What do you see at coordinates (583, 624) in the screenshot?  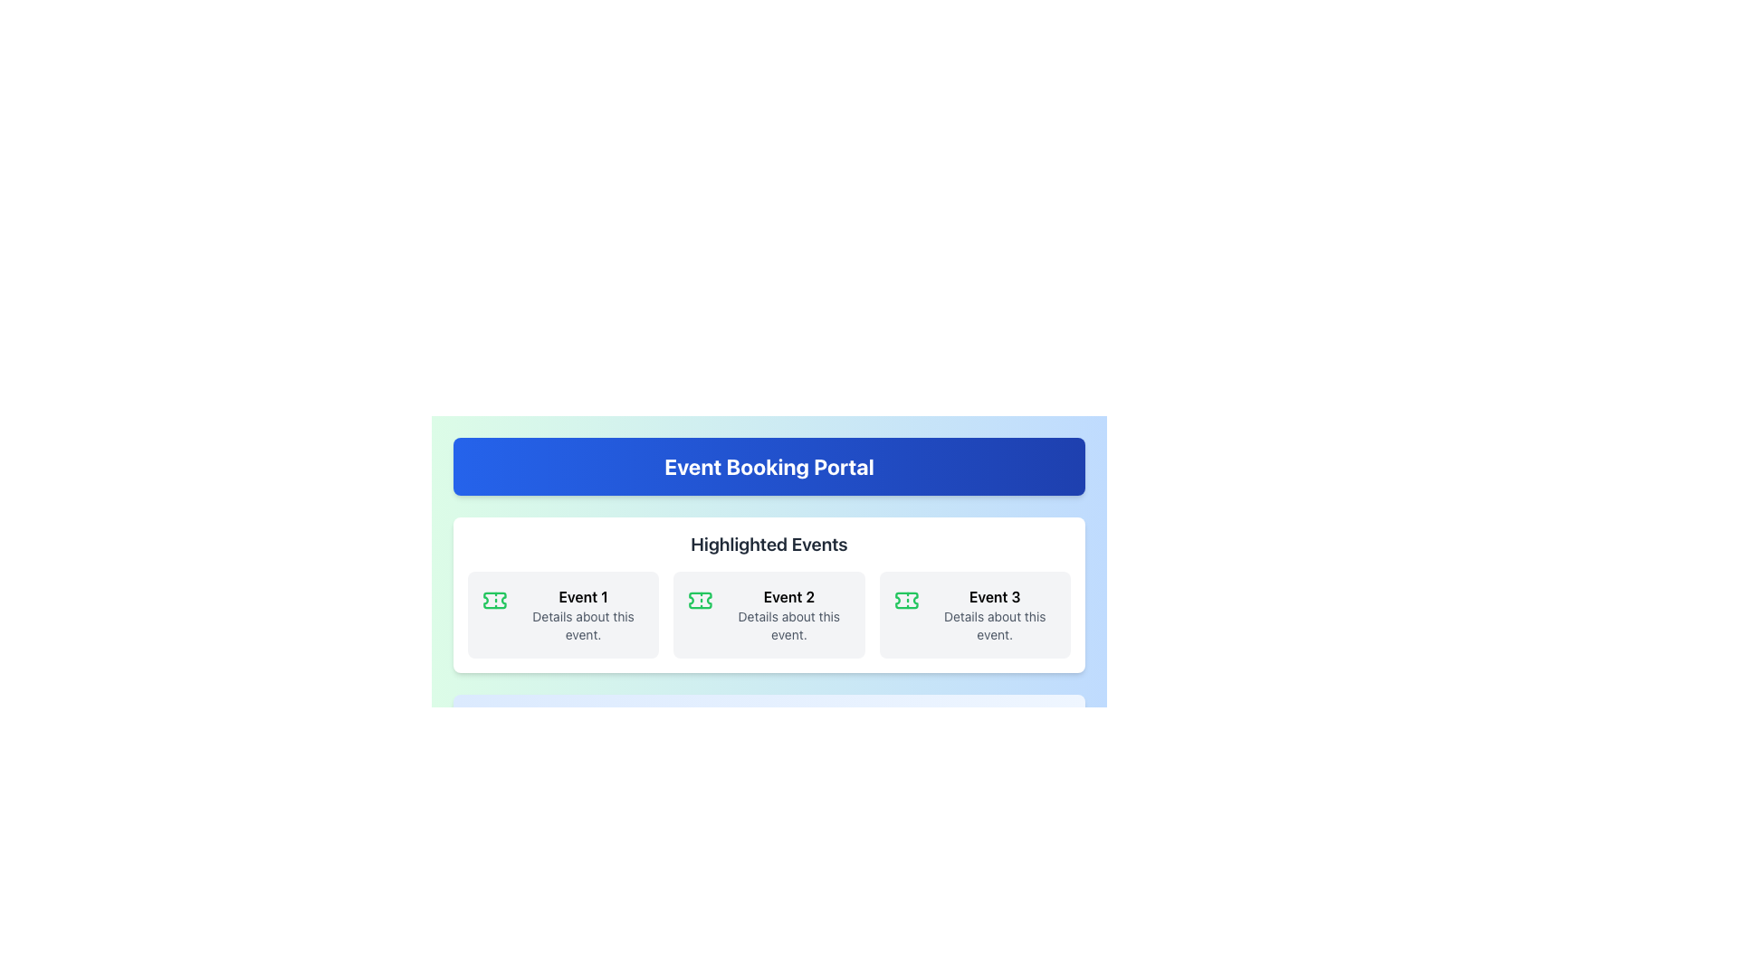 I see `the static text providing details about 'Event 1', which is positioned directly below the bolded title in the 'Highlighted Events' section` at bounding box center [583, 624].